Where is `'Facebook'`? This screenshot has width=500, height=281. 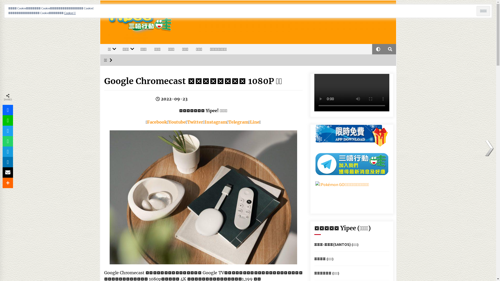 'Facebook' is located at coordinates (157, 122).